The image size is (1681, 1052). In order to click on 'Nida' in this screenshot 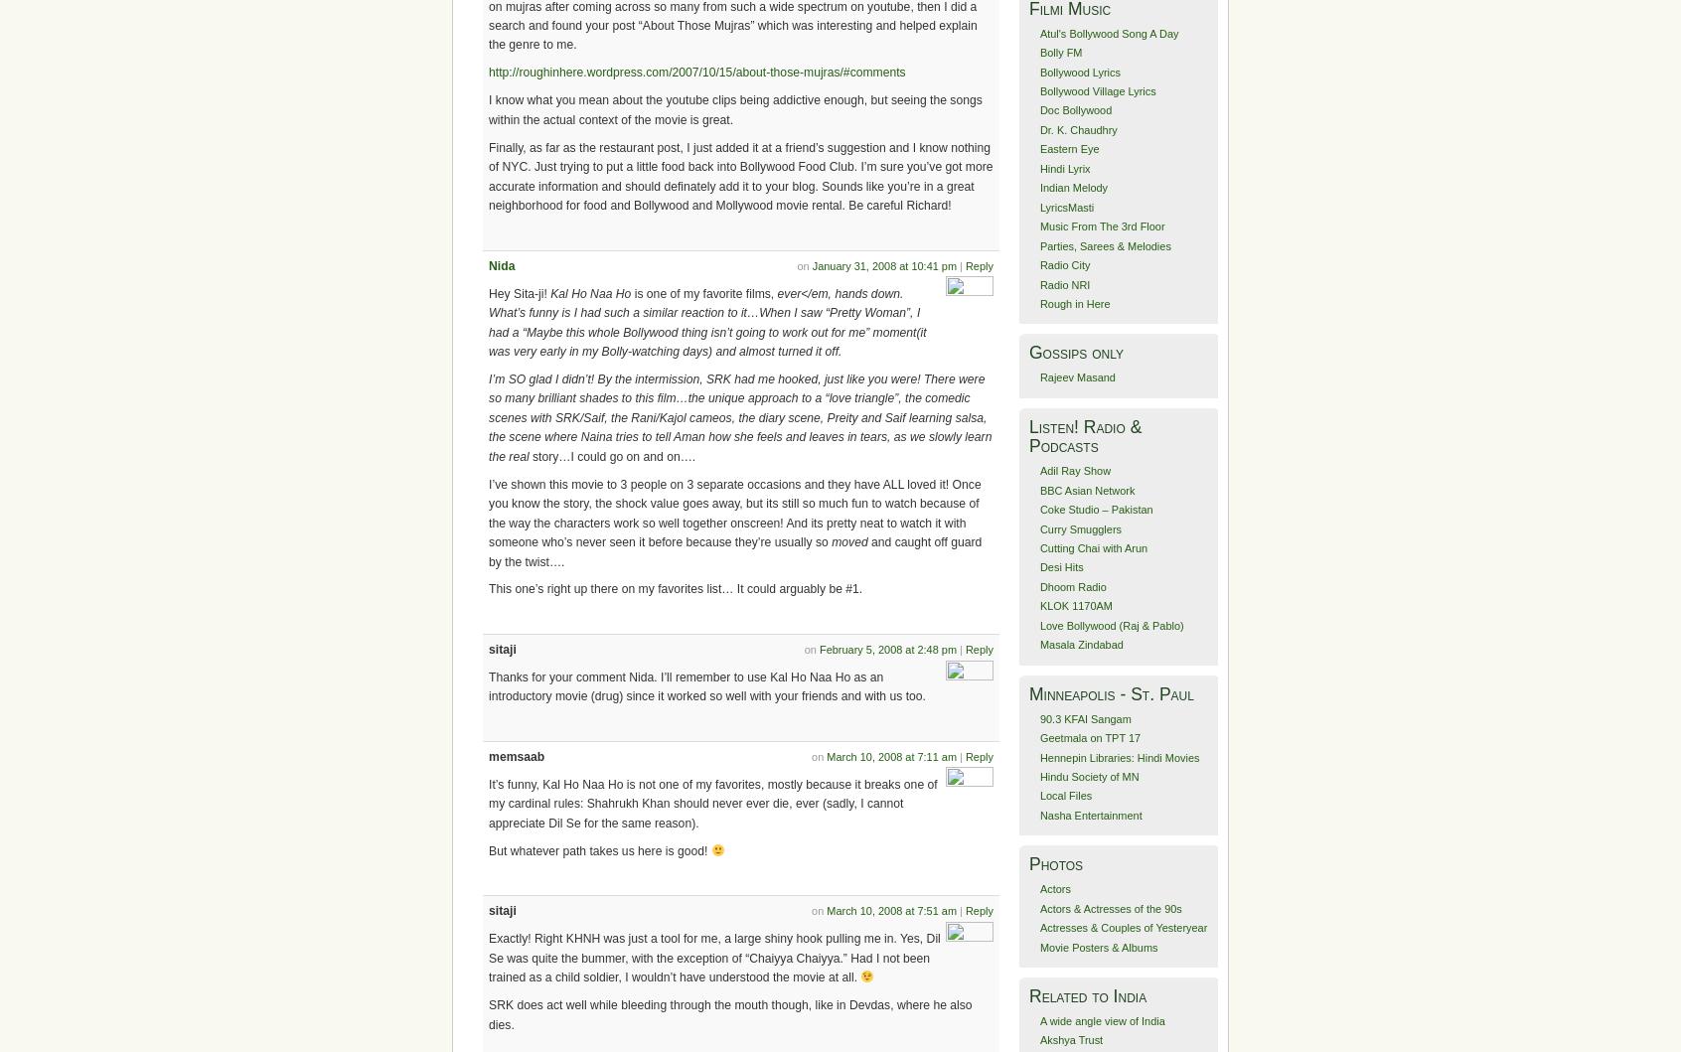, I will do `click(488, 264)`.